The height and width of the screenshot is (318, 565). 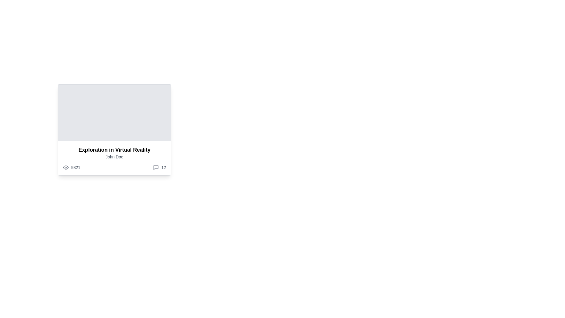 I want to click on the text label displaying the number '12' in gray font, located to the right of a speech bubble icon within a card component, so click(x=164, y=168).